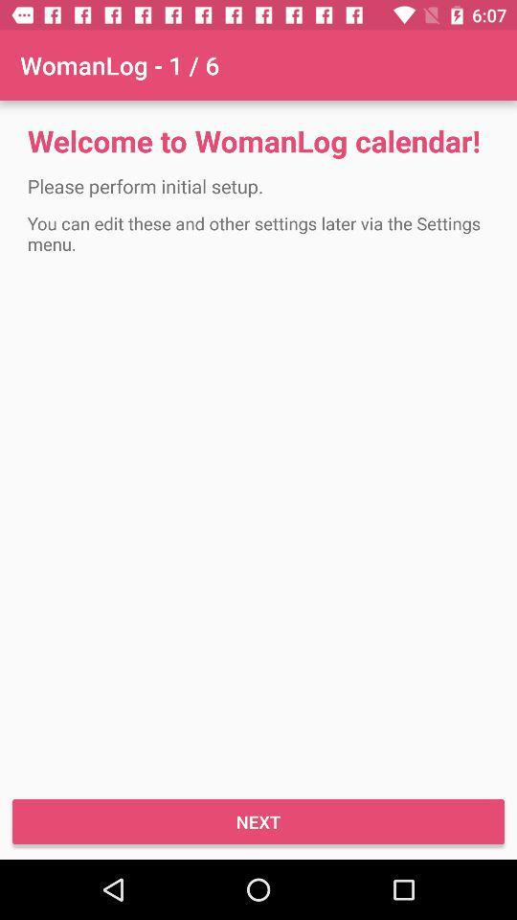 The height and width of the screenshot is (920, 517). What do you see at coordinates (258, 820) in the screenshot?
I see `next item` at bounding box center [258, 820].